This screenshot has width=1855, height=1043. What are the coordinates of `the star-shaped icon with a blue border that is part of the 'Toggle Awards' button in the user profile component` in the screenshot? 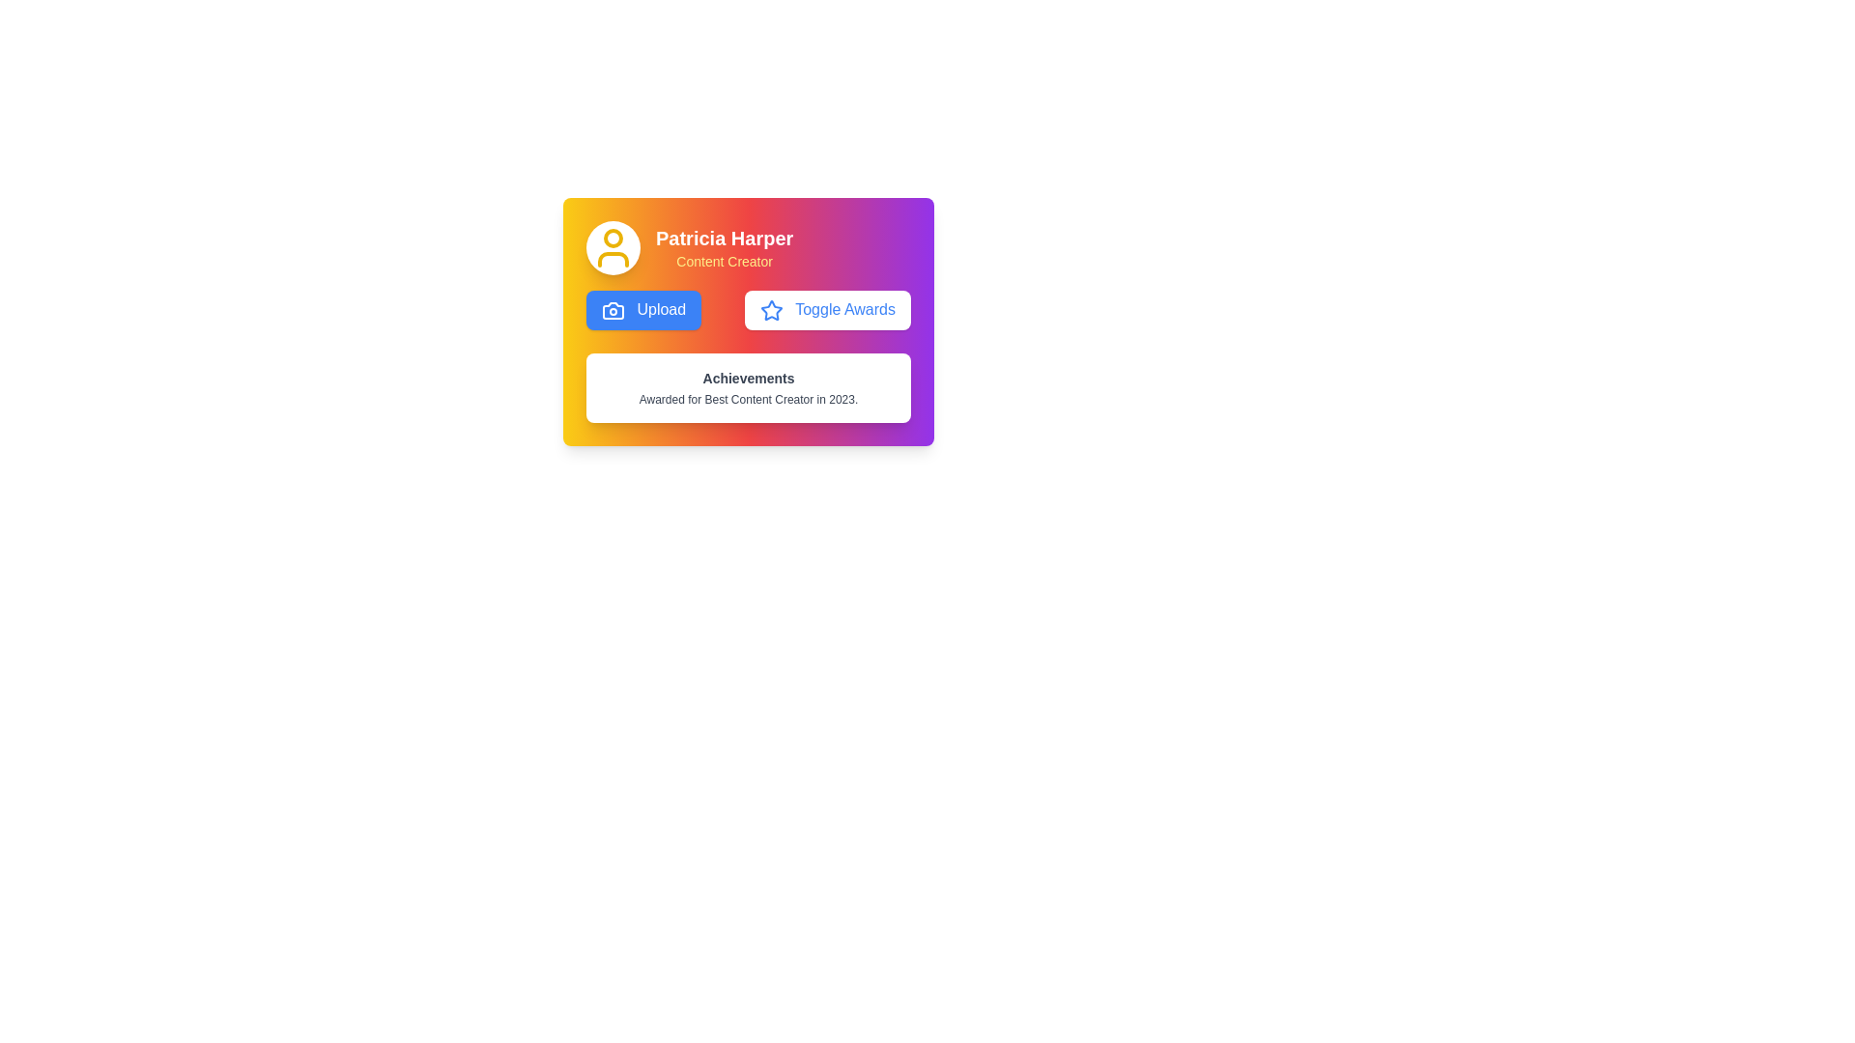 It's located at (771, 309).